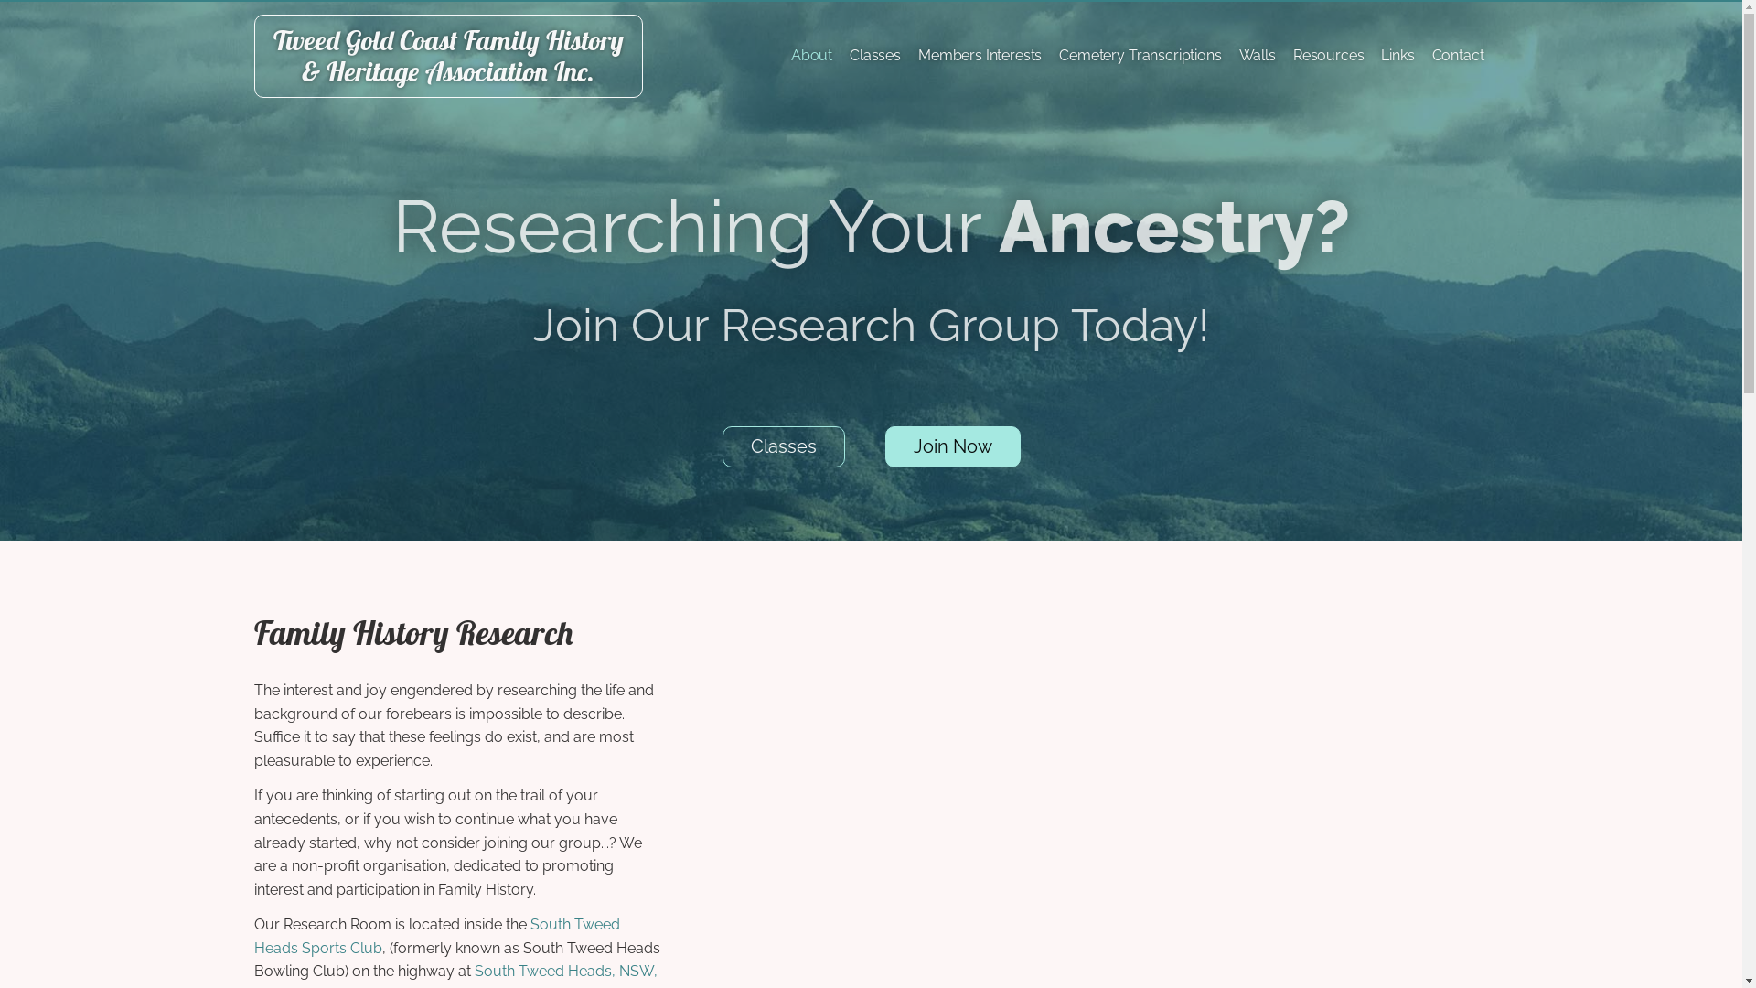 Image resolution: width=1756 pixels, height=988 pixels. What do you see at coordinates (436, 936) in the screenshot?
I see `'South Tweed Heads Sports Club'` at bounding box center [436, 936].